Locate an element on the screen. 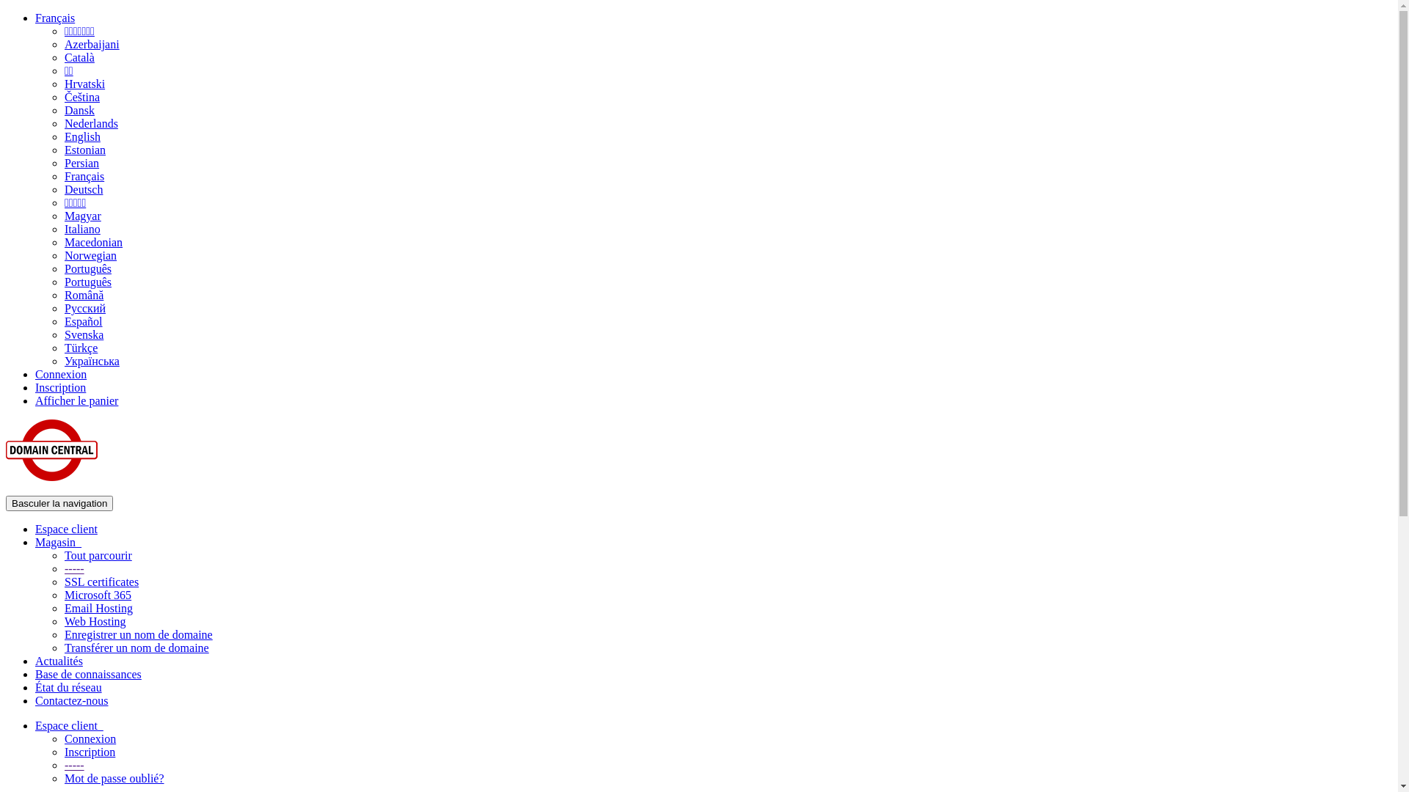 This screenshot has height=792, width=1409. 'Basculer la navigation' is located at coordinates (59, 502).